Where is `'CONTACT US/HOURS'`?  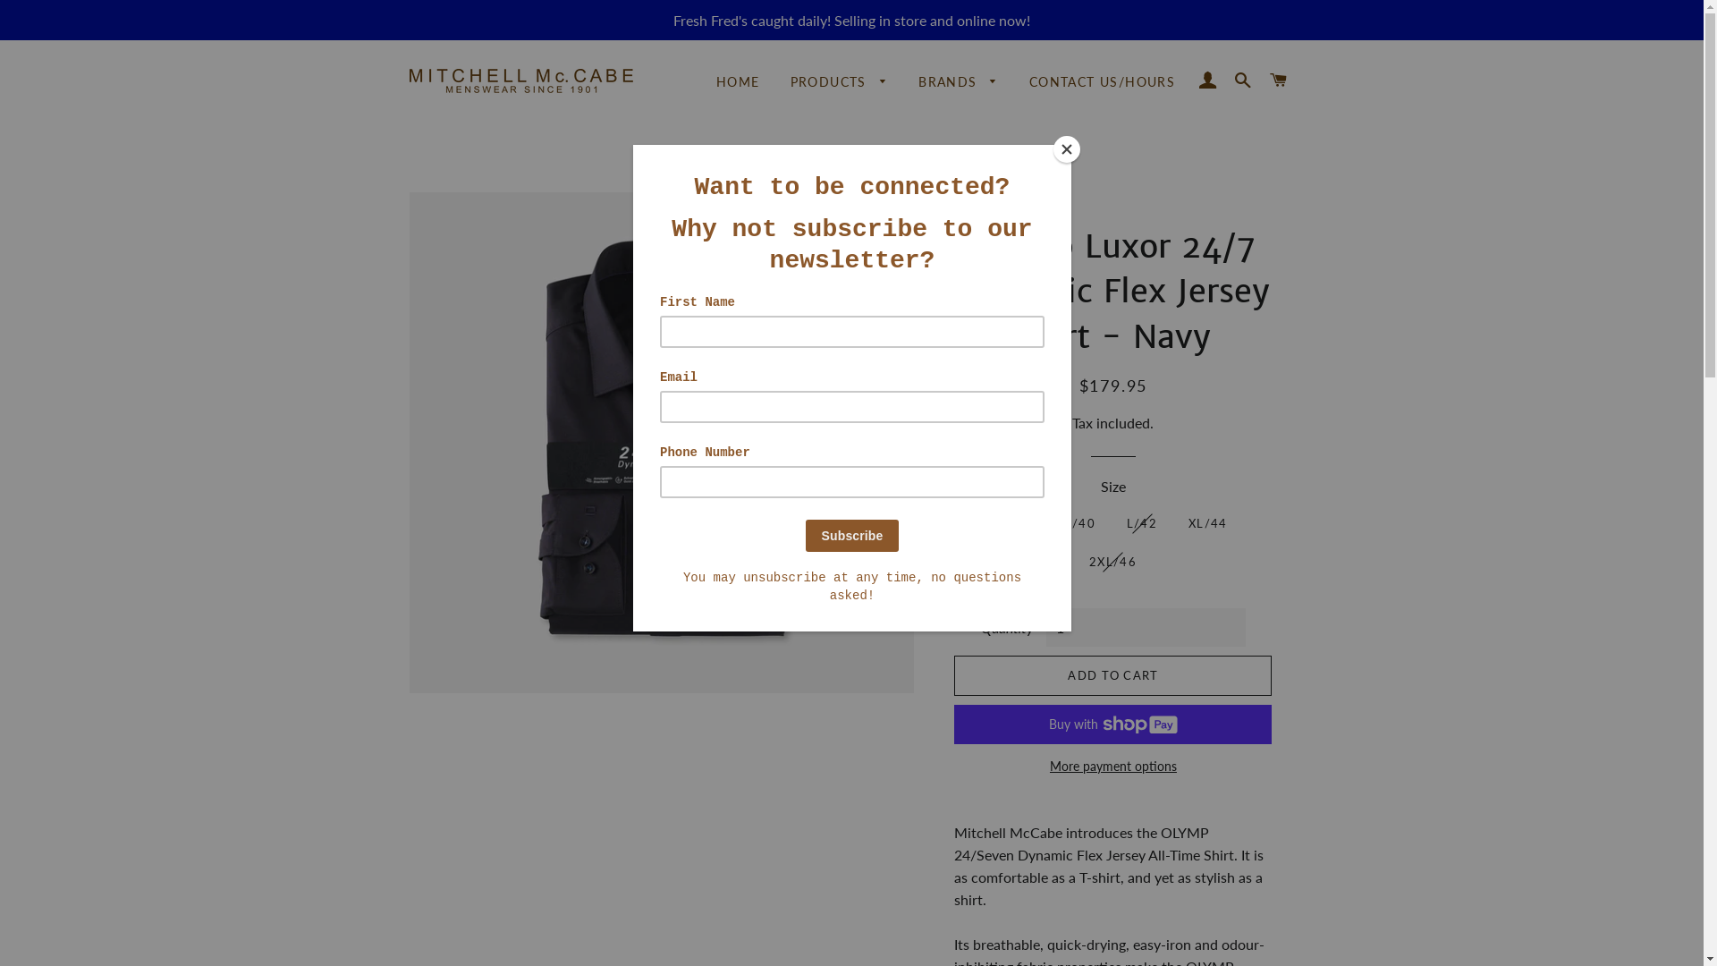
'CONTACT US/HOURS' is located at coordinates (1016, 82).